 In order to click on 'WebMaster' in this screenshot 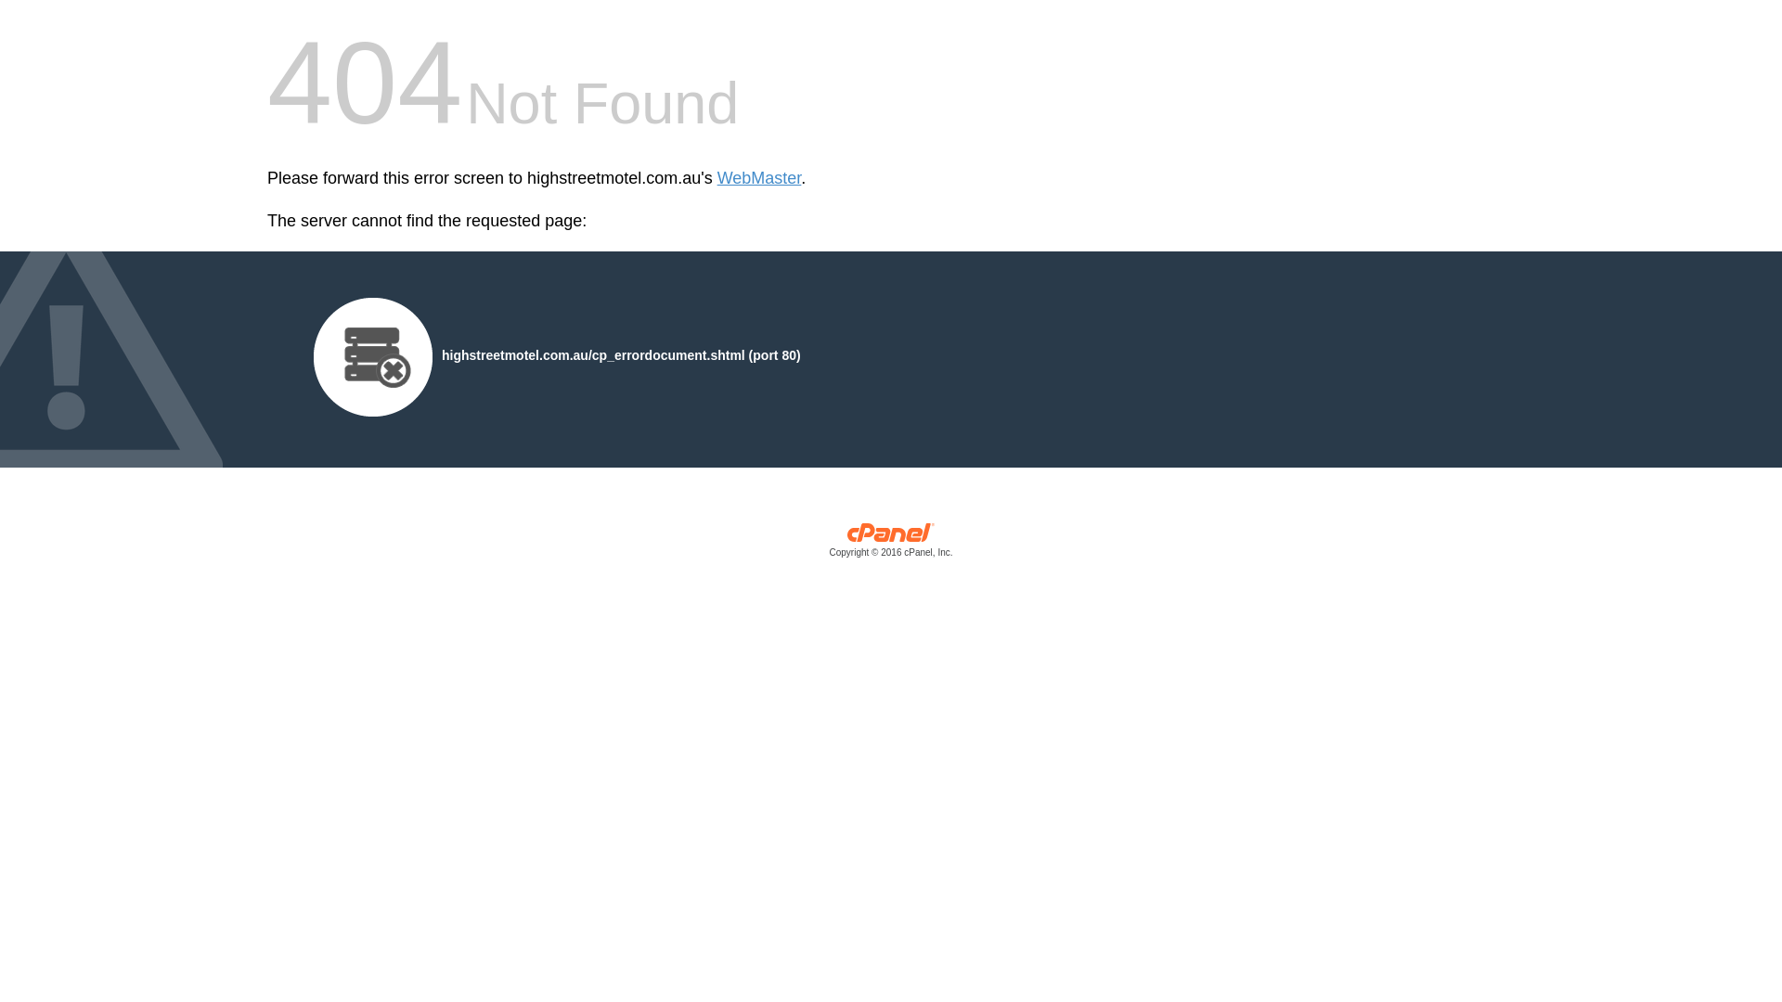, I will do `click(759, 178)`.